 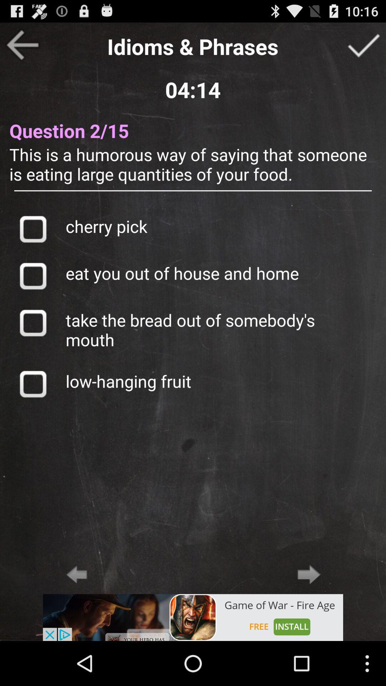 I want to click on selects answer, so click(x=33, y=275).